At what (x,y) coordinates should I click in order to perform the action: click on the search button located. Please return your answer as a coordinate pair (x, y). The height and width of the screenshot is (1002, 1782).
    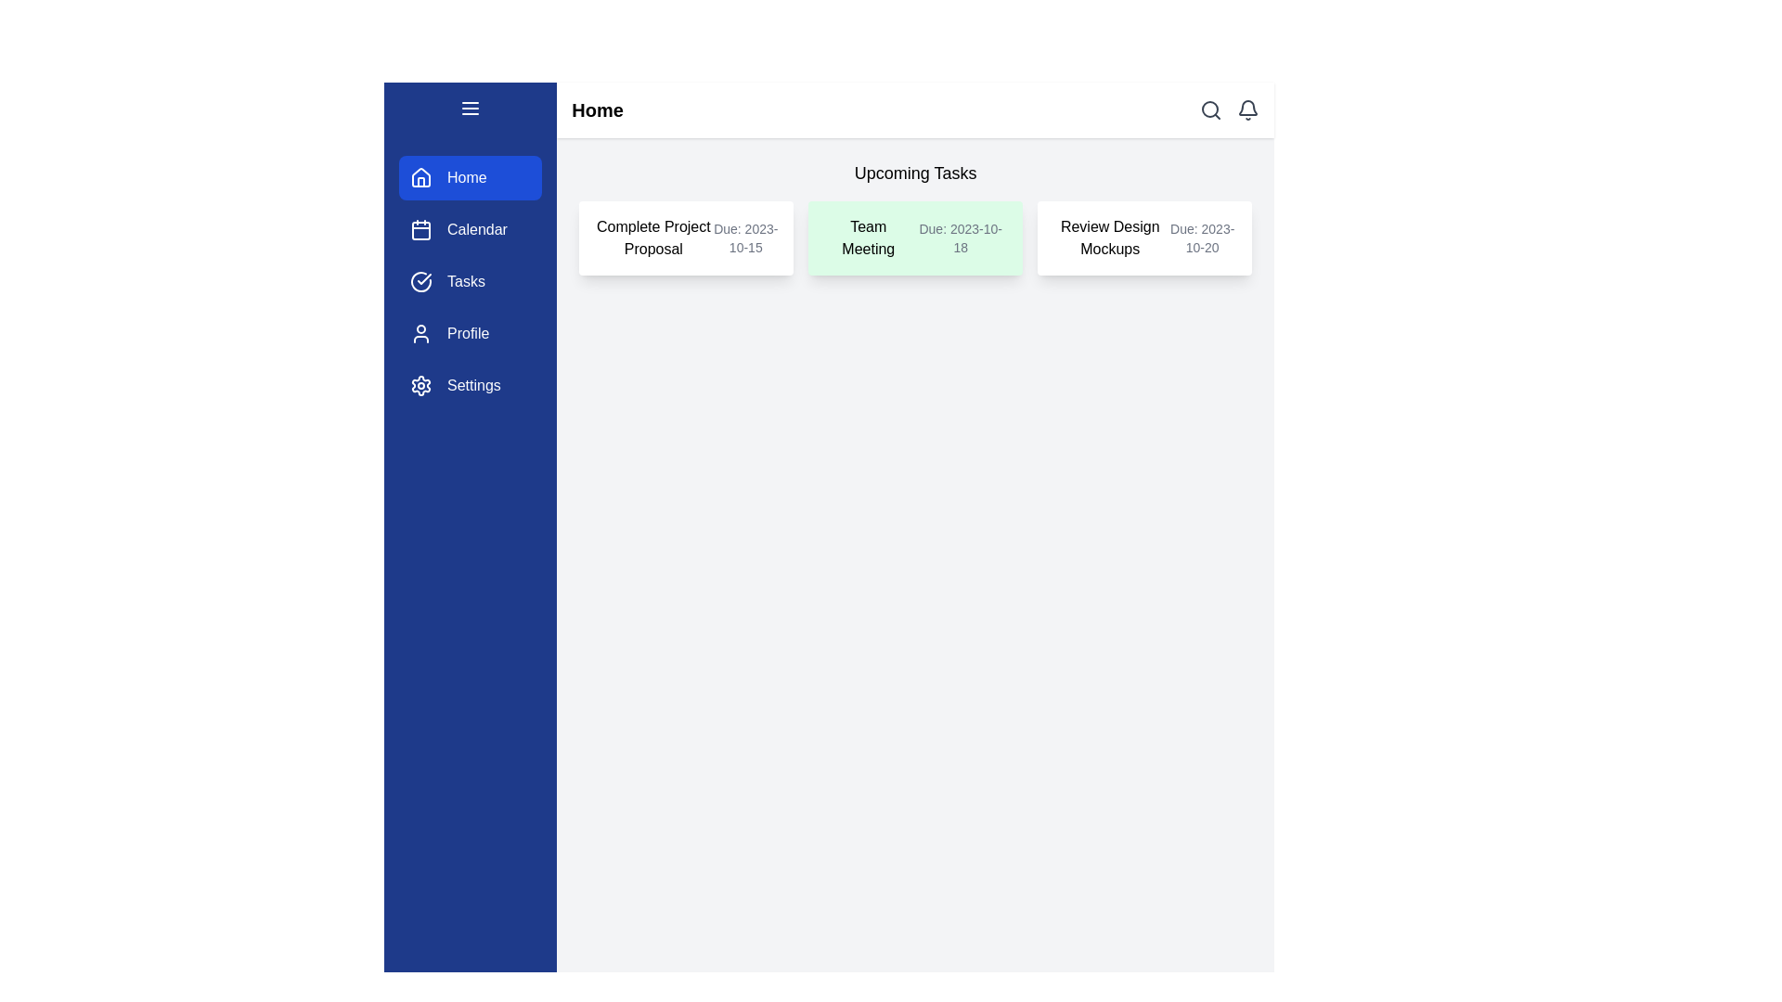
    Looking at the image, I should click on (1211, 110).